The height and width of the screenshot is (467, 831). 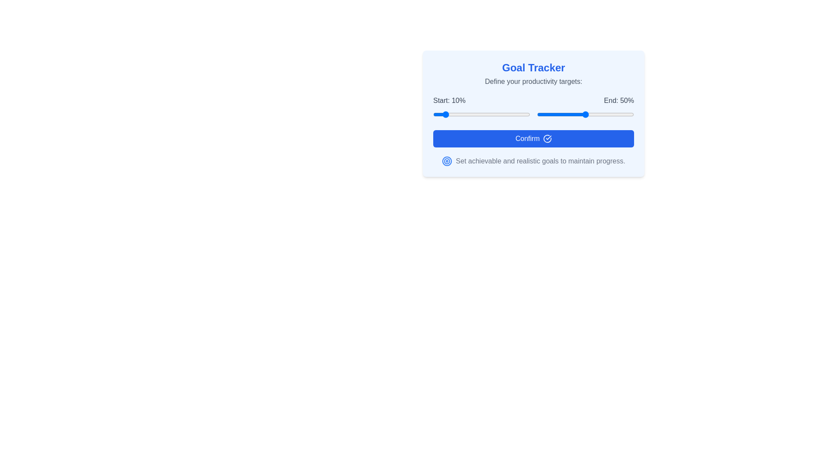 I want to click on the circular target icon with a blue outline and a small blue dot in the center, located to the left of the text 'Set achievable and realistic goals to maintain progress', so click(x=447, y=161).